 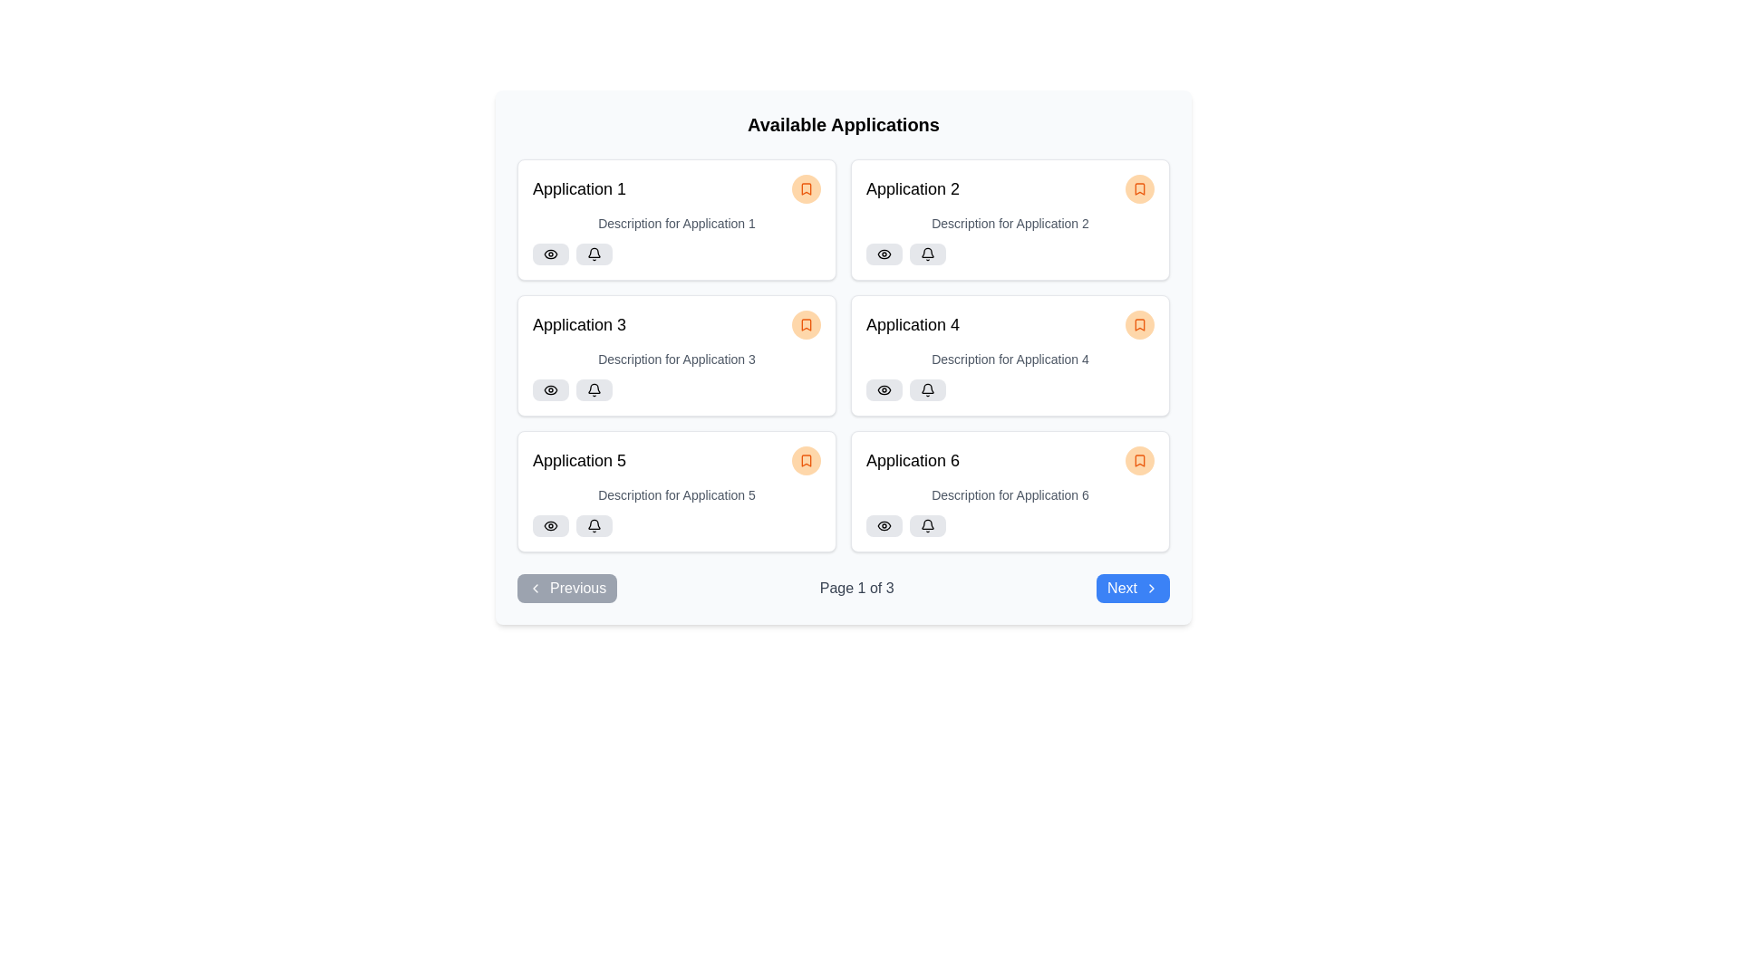 I want to click on the upper outer outline of the eye icon representing visibility in the control area for the 'Application 5' card located in the second row, leftmost column of the interface grid, so click(x=550, y=526).